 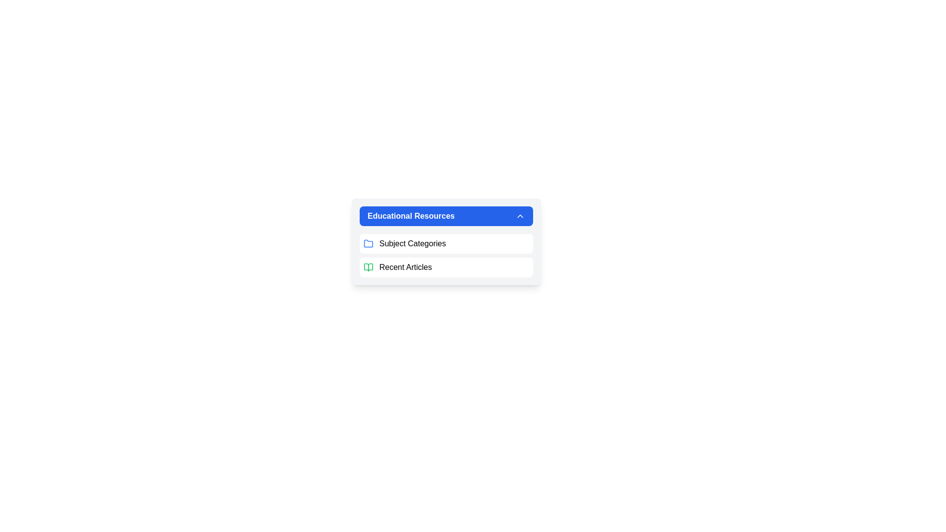 I want to click on the visual indicator icon for the 'Subject Categories' option, which is positioned to the left of the text 'Subject Categories', so click(x=368, y=243).